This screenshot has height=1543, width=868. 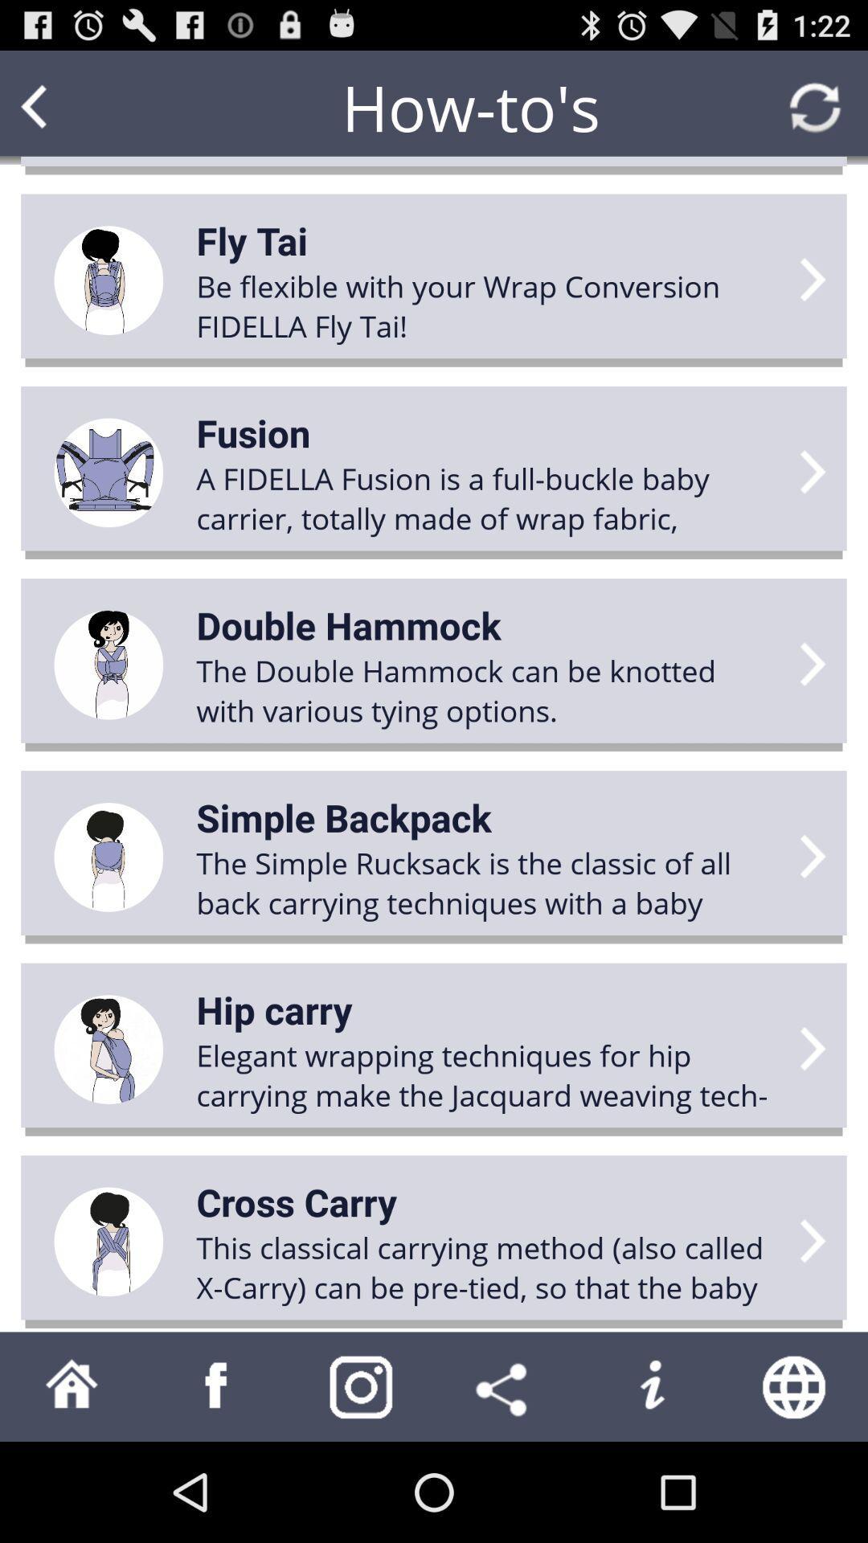 What do you see at coordinates (297, 1201) in the screenshot?
I see `the cross carry item` at bounding box center [297, 1201].